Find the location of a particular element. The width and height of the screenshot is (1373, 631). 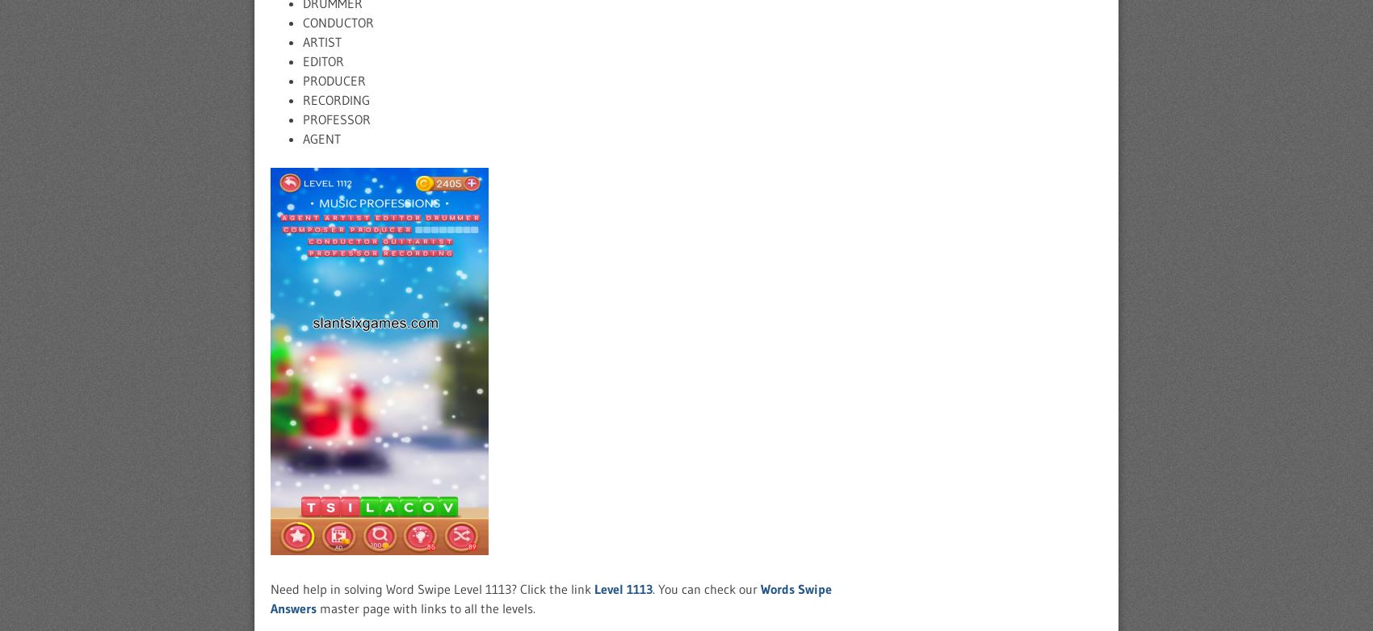

'PRODUCER' is located at coordinates (333, 81).